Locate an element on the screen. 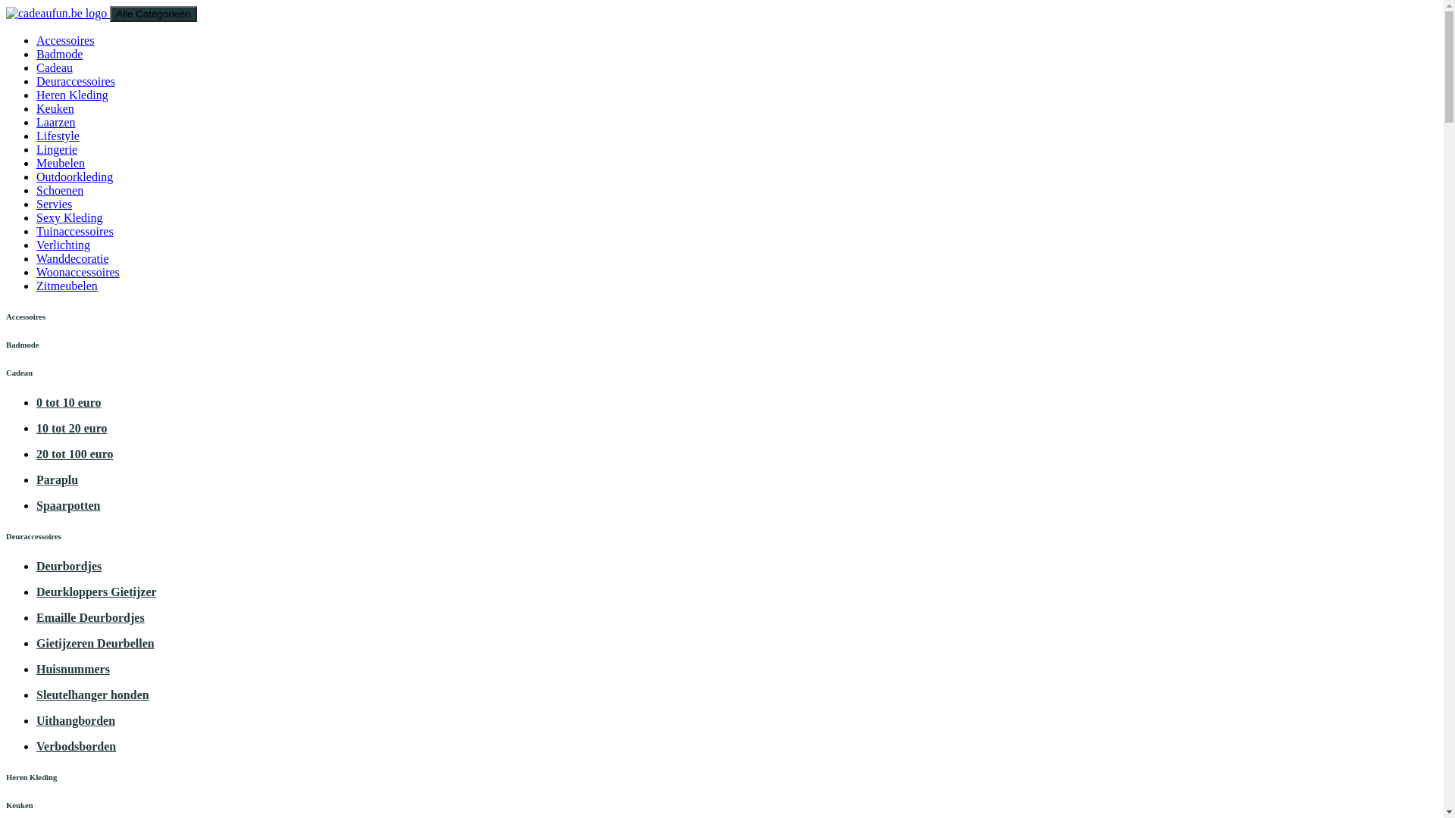 Image resolution: width=1455 pixels, height=818 pixels. 'Lingerie' is located at coordinates (57, 149).